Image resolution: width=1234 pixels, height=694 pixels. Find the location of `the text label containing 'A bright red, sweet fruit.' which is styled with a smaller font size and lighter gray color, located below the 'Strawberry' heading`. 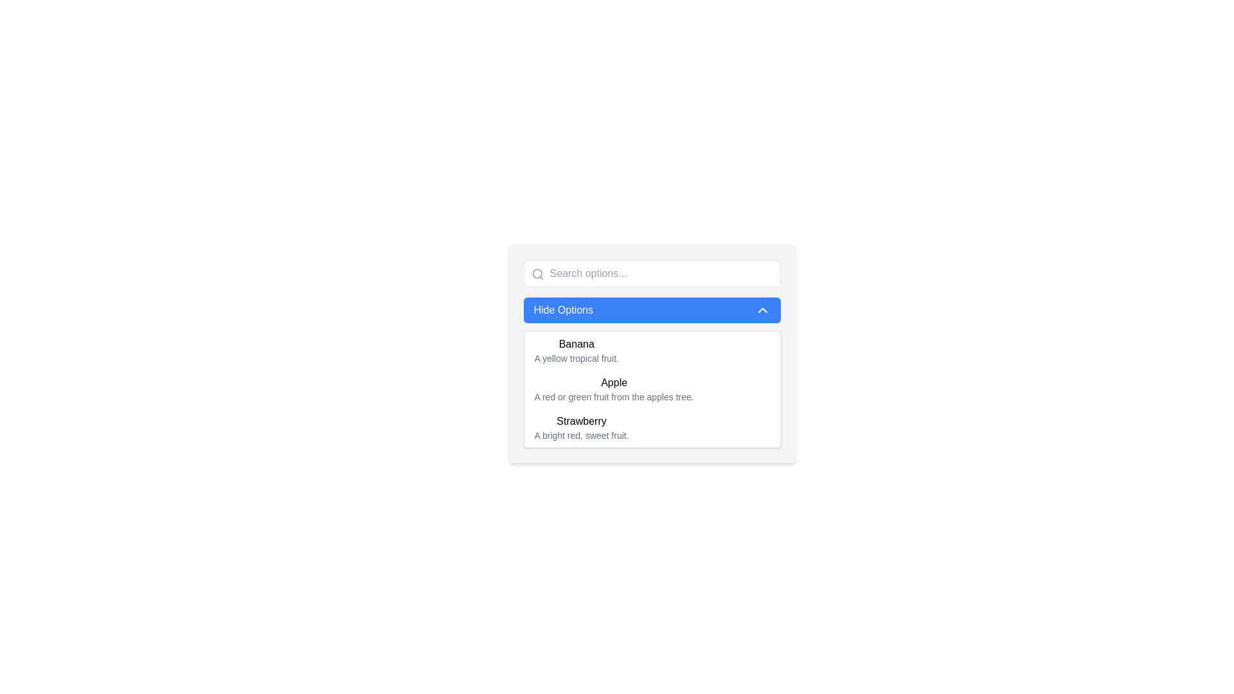

the text label containing 'A bright red, sweet fruit.' which is styled with a smaller font size and lighter gray color, located below the 'Strawberry' heading is located at coordinates (581, 435).